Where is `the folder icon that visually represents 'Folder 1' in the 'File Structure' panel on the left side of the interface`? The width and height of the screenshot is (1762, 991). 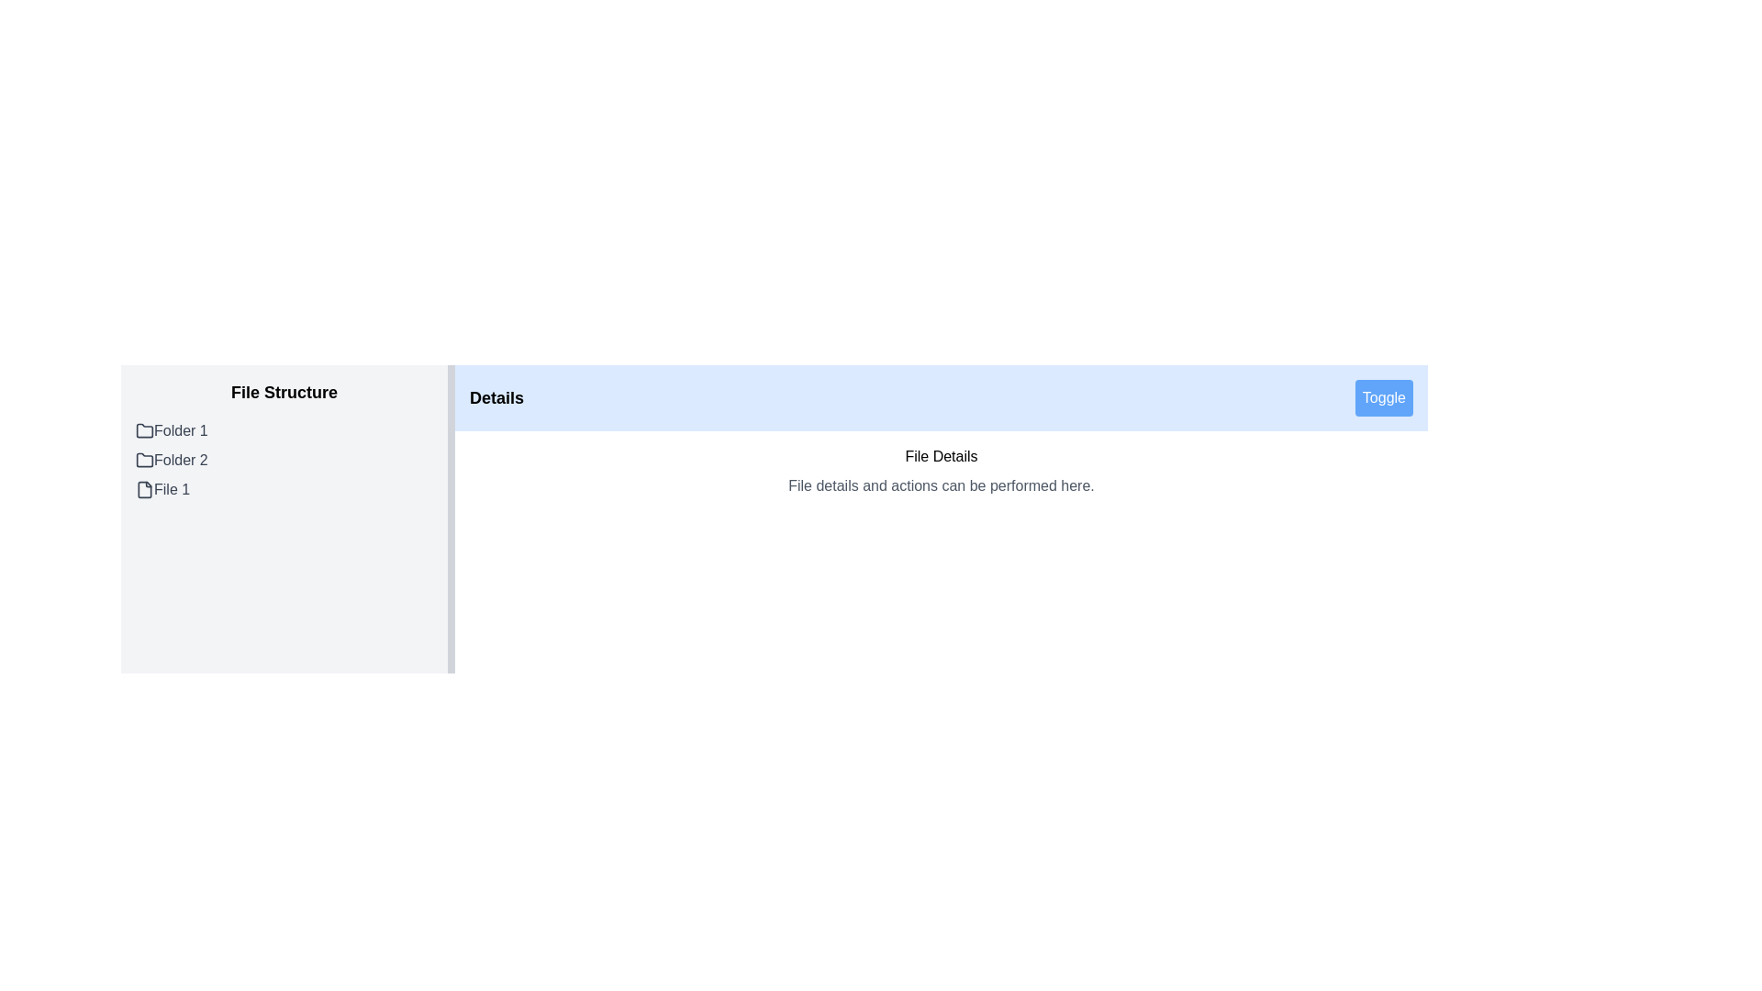
the folder icon that visually represents 'Folder 1' in the 'File Structure' panel on the left side of the interface is located at coordinates (144, 431).